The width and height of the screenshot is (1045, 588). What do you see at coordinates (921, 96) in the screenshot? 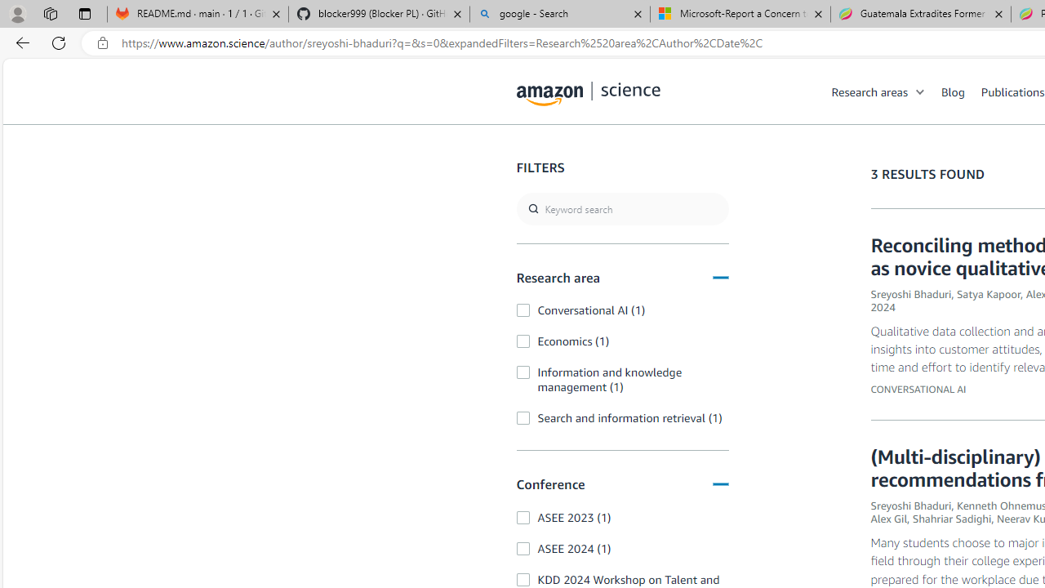
I see `'Class: chevron'` at bounding box center [921, 96].